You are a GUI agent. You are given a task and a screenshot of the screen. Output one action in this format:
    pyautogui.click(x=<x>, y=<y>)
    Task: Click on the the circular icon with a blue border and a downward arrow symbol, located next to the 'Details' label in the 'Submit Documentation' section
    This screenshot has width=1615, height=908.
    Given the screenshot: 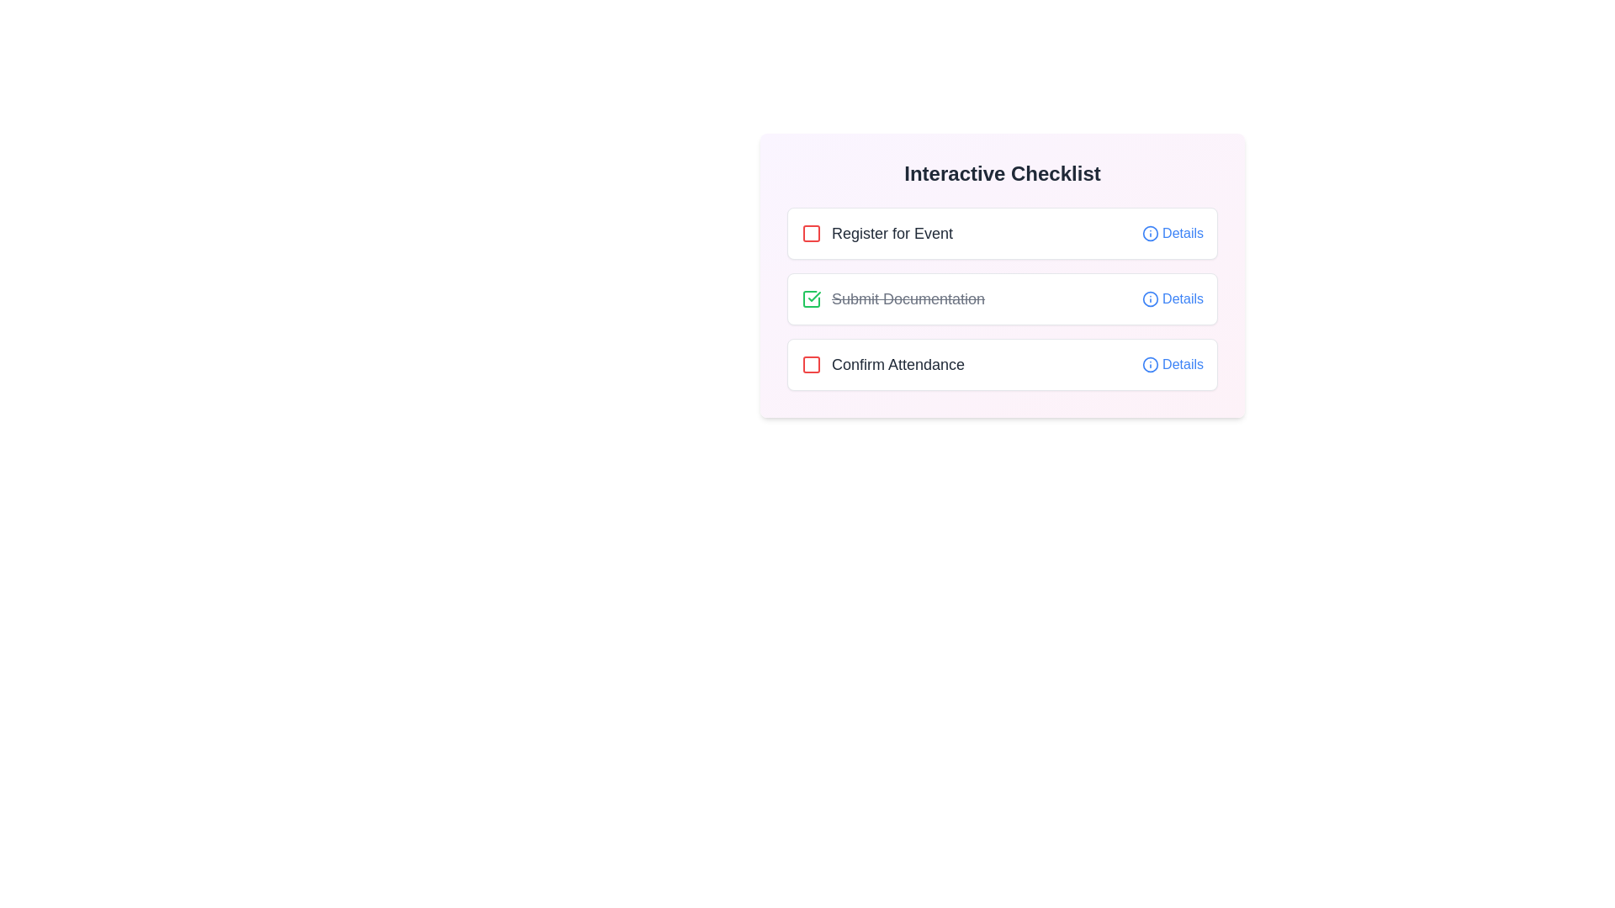 What is the action you would take?
    pyautogui.click(x=1150, y=298)
    